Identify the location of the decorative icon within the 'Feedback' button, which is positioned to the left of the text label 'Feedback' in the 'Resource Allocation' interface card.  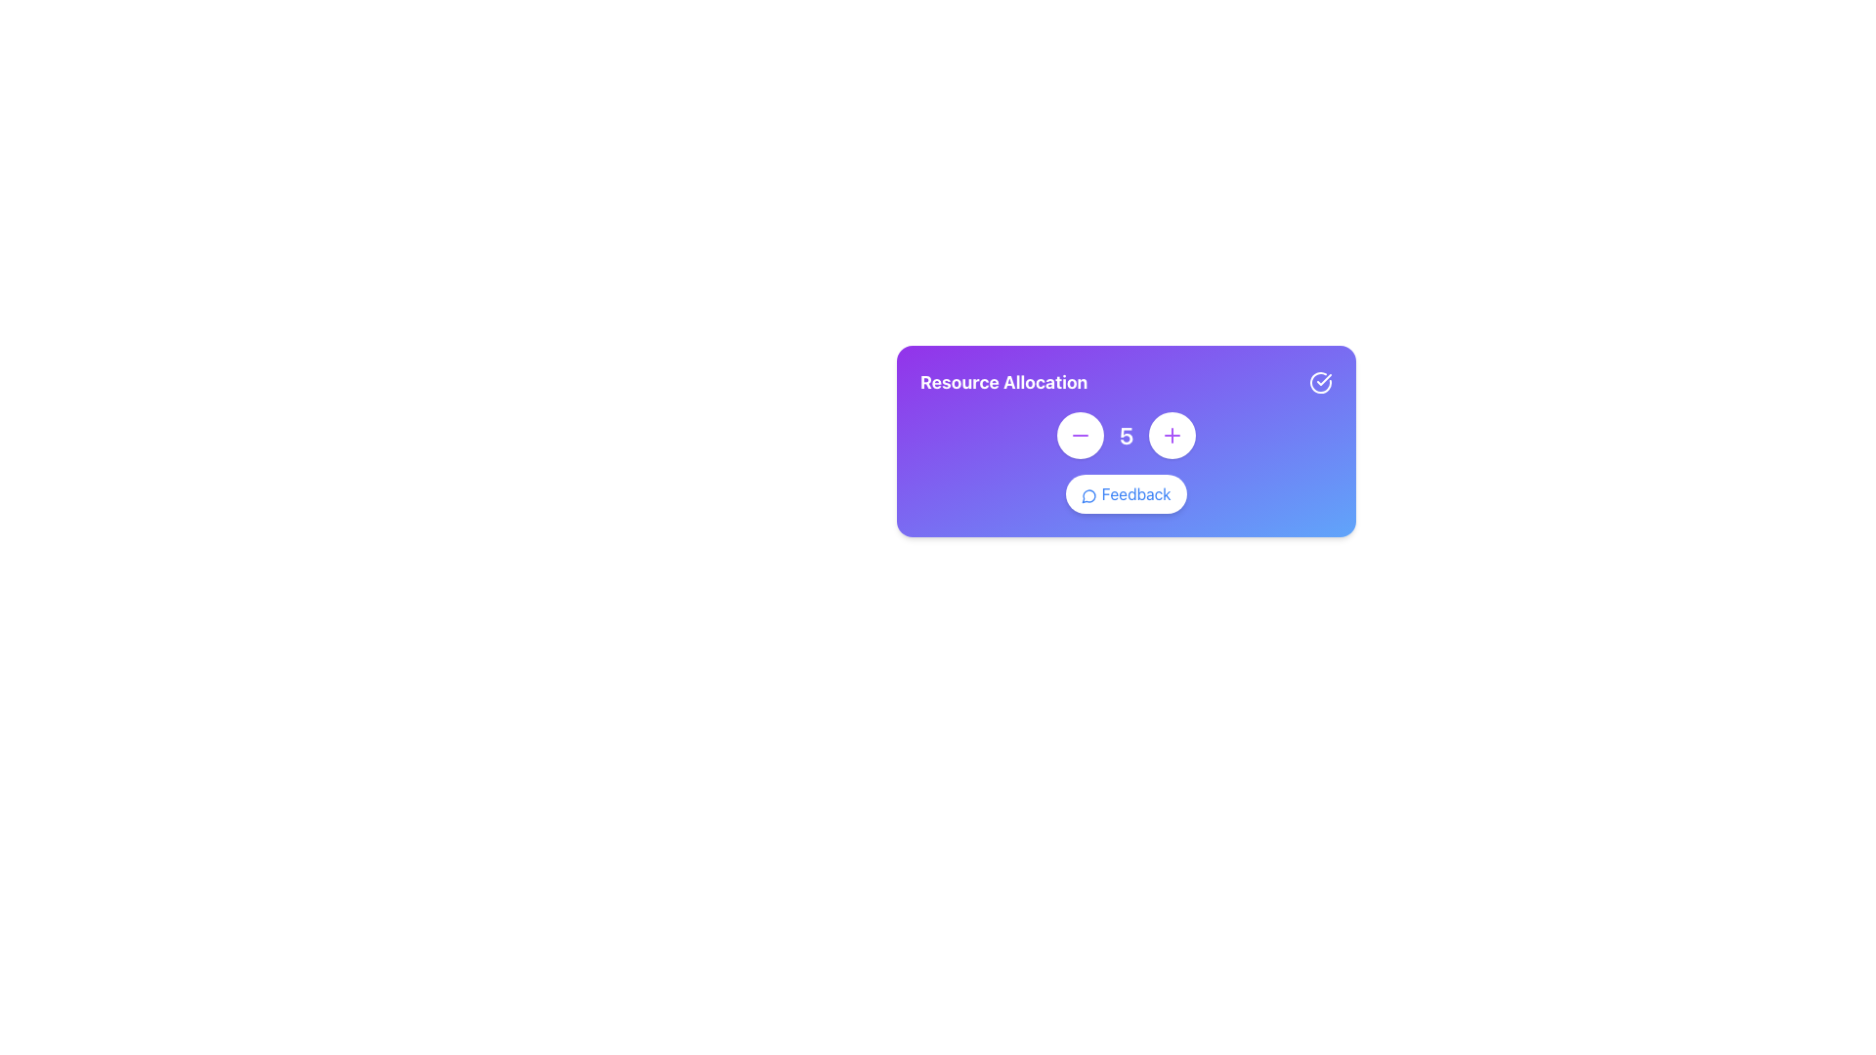
(1088, 494).